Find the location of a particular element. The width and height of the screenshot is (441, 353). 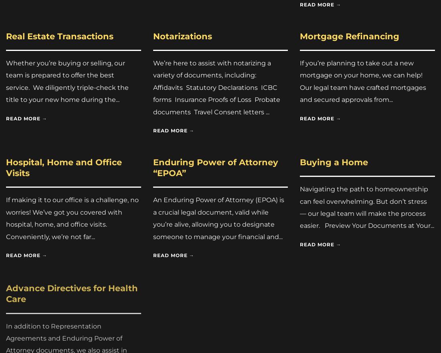

'Mortgage Refinancing' is located at coordinates (349, 35).